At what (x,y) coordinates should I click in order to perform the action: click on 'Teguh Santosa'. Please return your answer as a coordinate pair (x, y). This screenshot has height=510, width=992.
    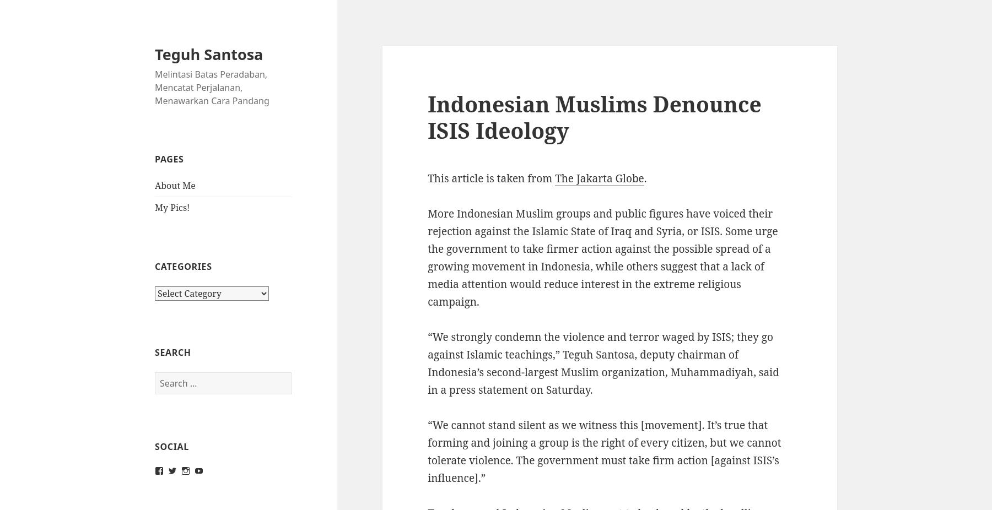
    Looking at the image, I should click on (209, 53).